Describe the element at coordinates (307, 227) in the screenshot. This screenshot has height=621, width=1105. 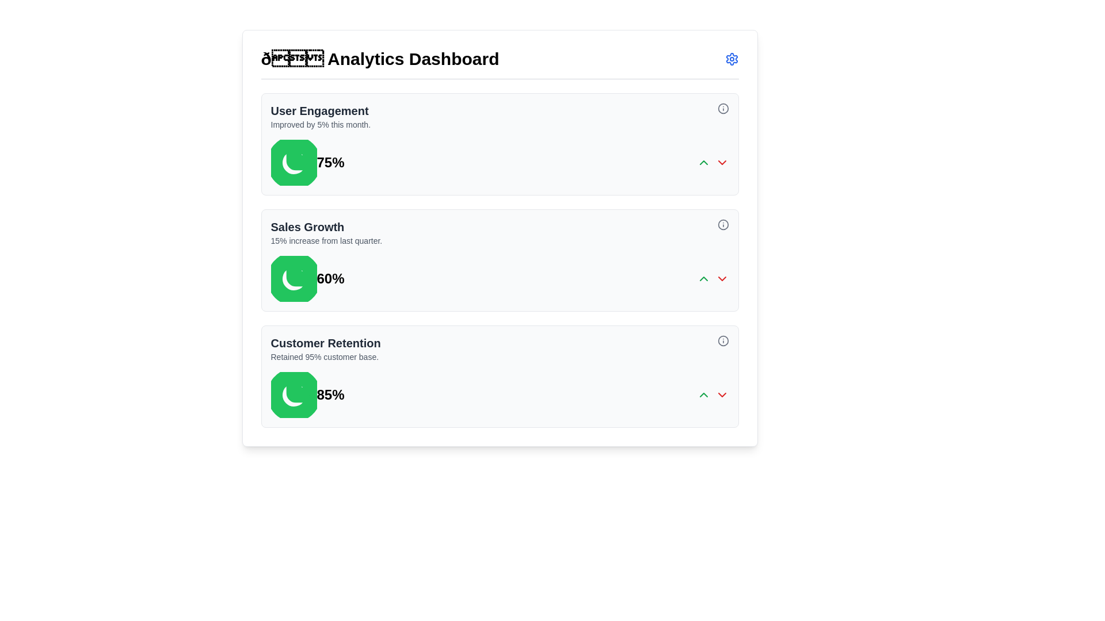
I see `the header text for the second card that summarizes 'Sales Growth', located in the center-left portion above other information` at that location.